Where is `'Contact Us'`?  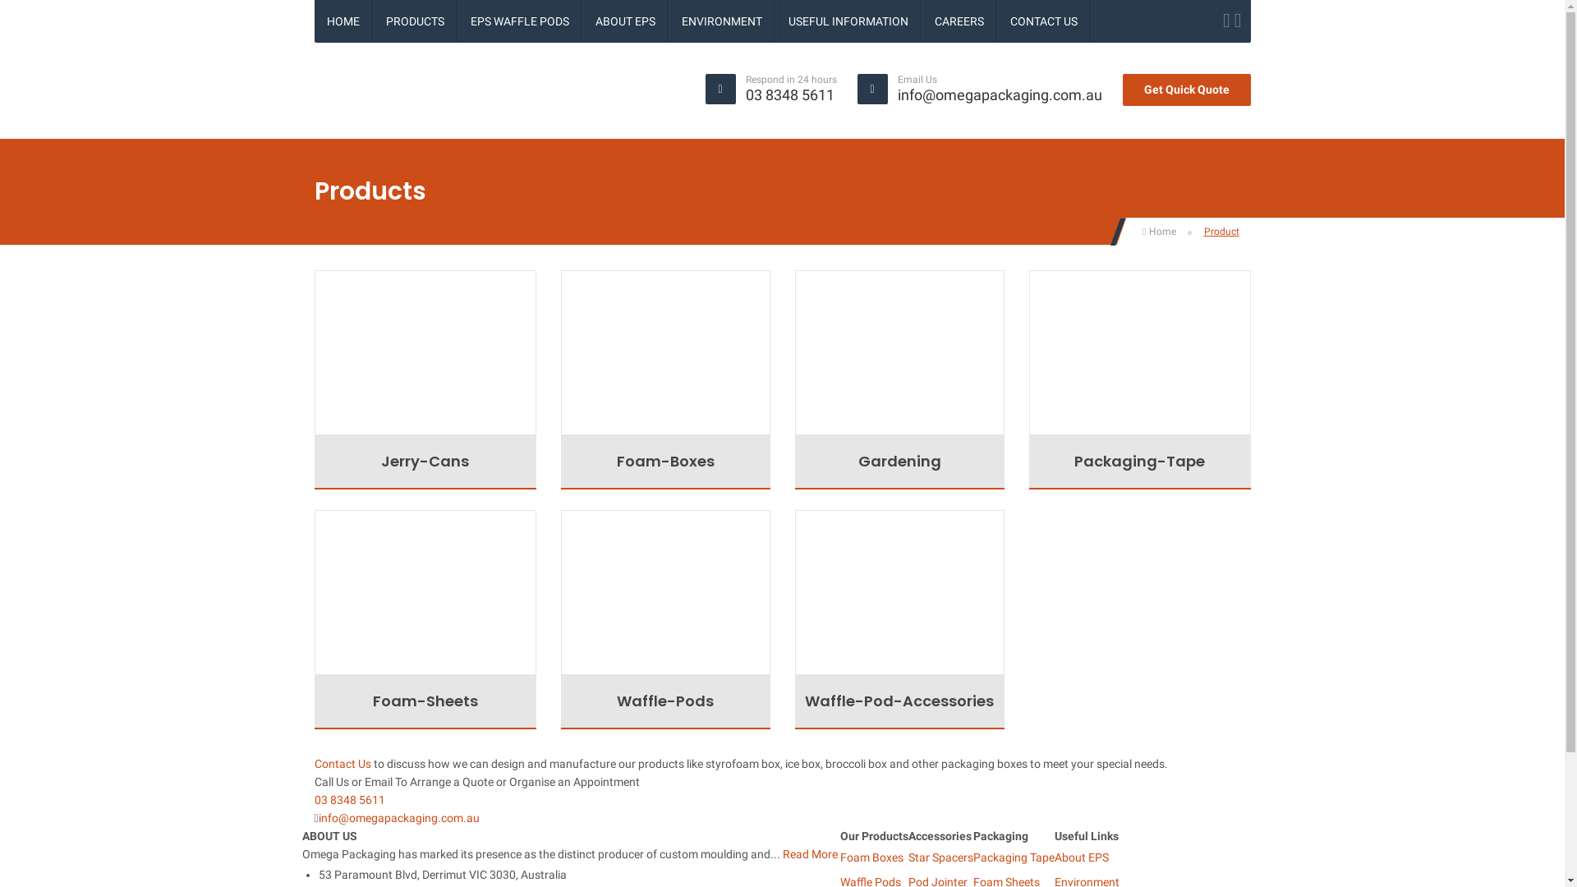 'Contact Us' is located at coordinates (341, 763).